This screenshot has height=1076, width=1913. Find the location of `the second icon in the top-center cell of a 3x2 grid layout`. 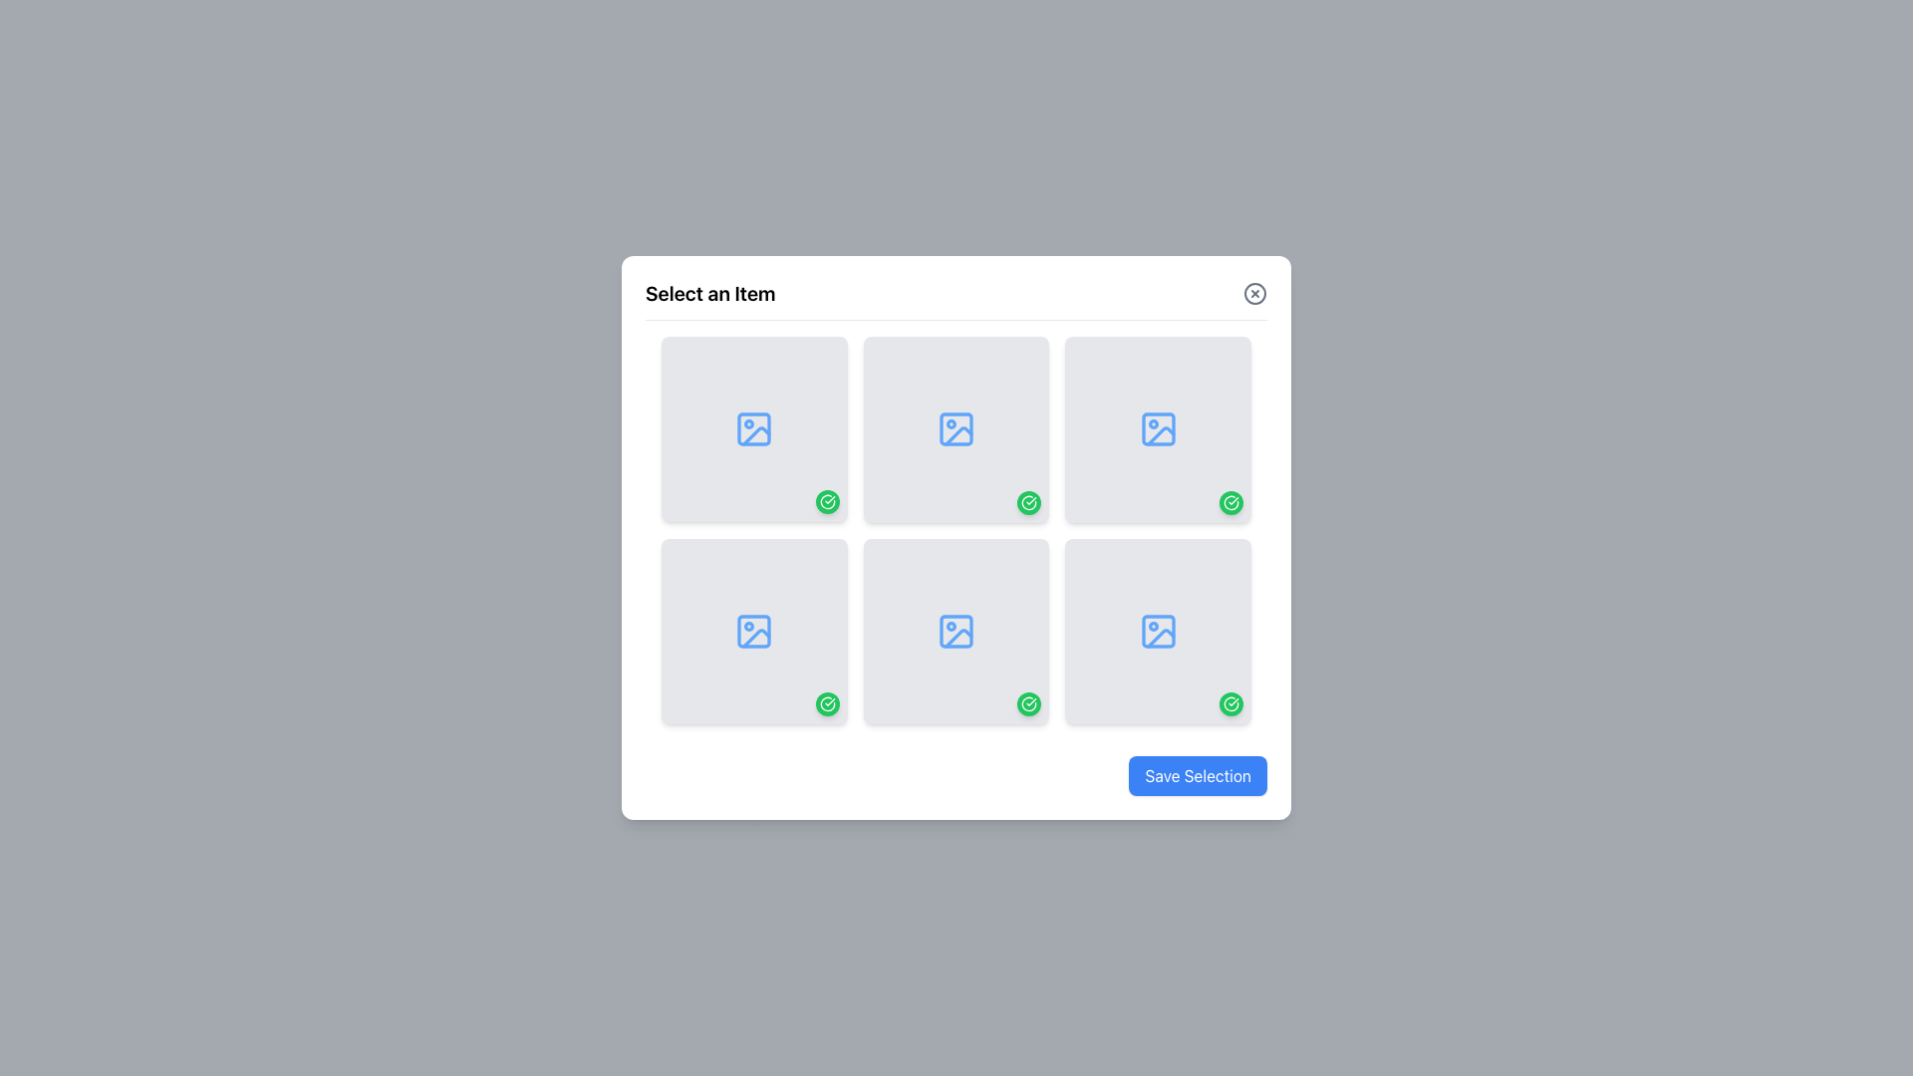

the second icon in the top-center cell of a 3x2 grid layout is located at coordinates (956, 428).